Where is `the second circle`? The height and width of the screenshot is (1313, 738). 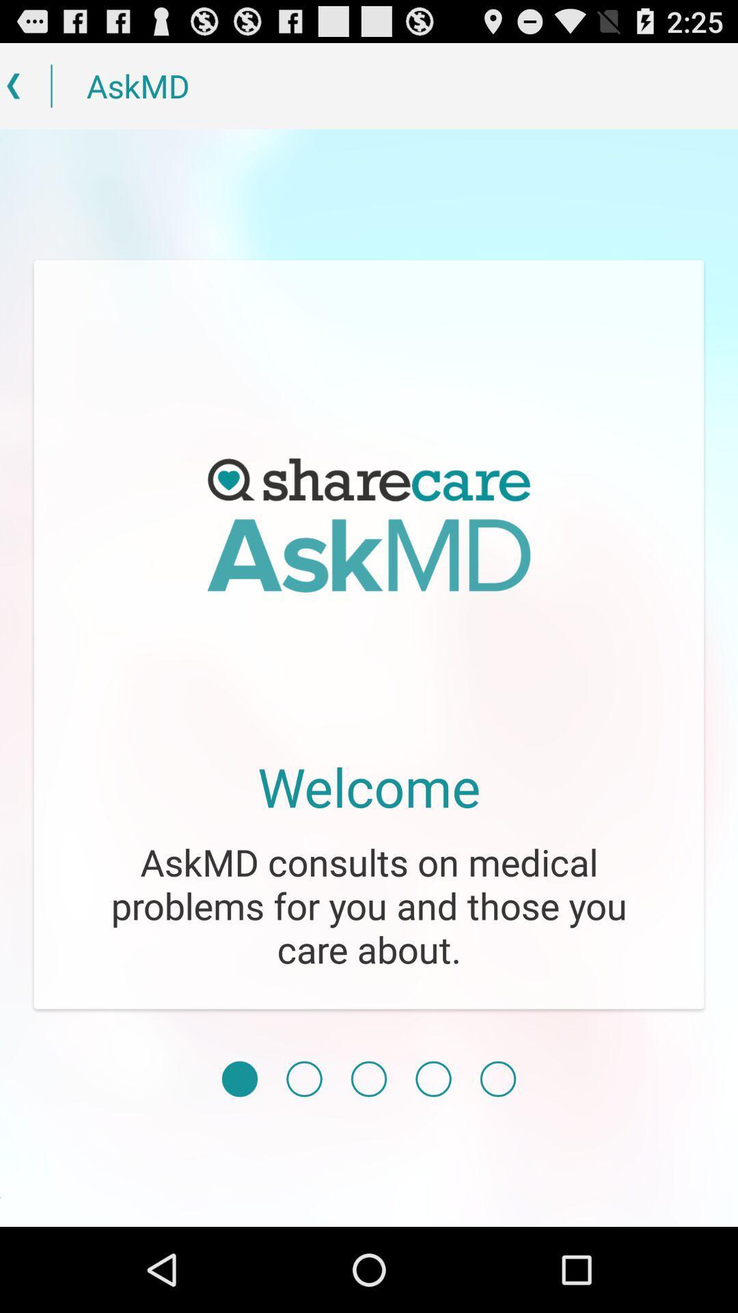 the second circle is located at coordinates (303, 1078).